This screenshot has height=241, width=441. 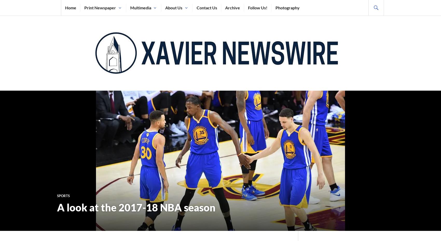 I want to click on 'Photography', so click(x=287, y=7).